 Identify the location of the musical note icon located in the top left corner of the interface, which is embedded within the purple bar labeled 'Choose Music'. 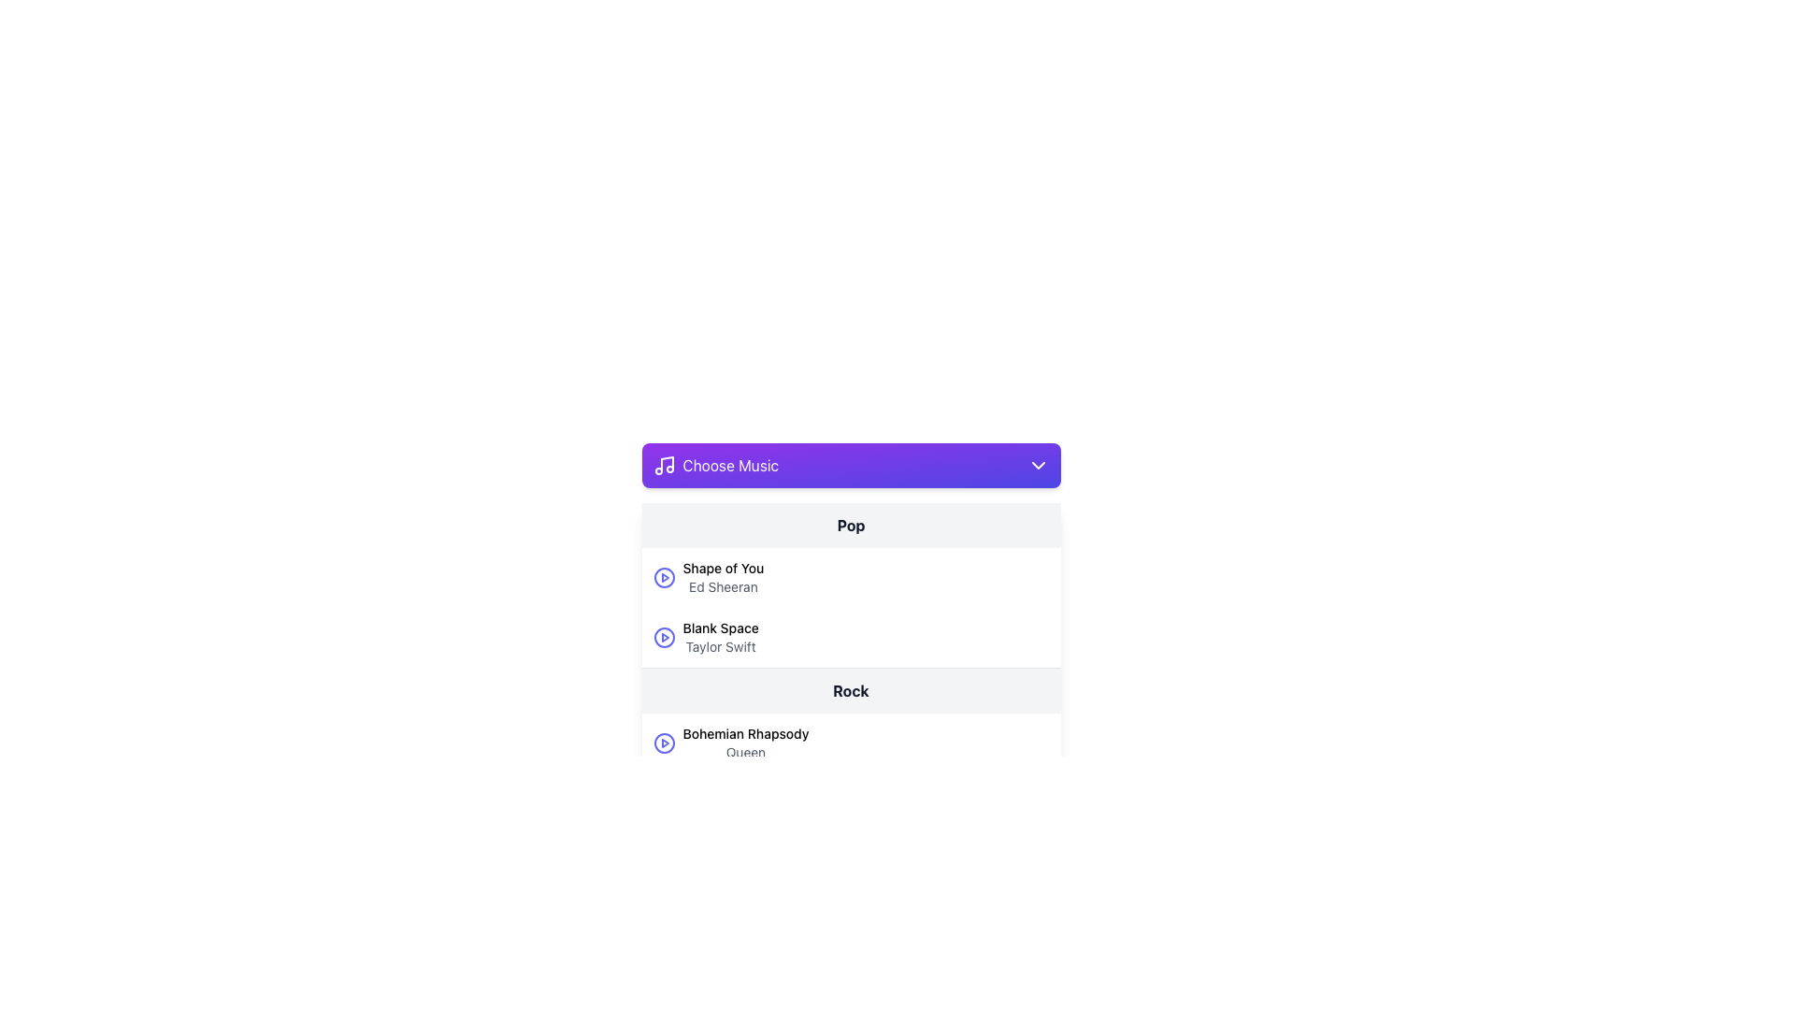
(667, 463).